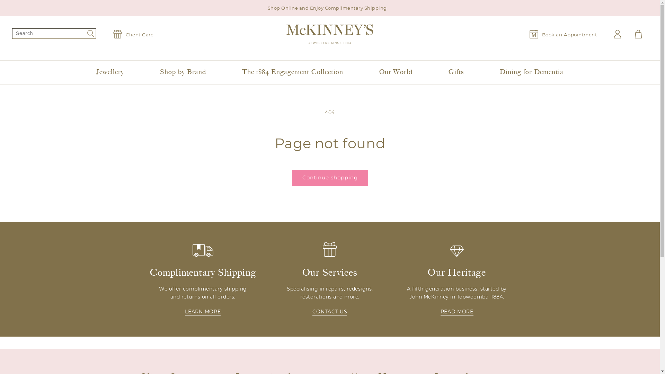  Describe the element at coordinates (614, 34) in the screenshot. I see `'Log in'` at that location.